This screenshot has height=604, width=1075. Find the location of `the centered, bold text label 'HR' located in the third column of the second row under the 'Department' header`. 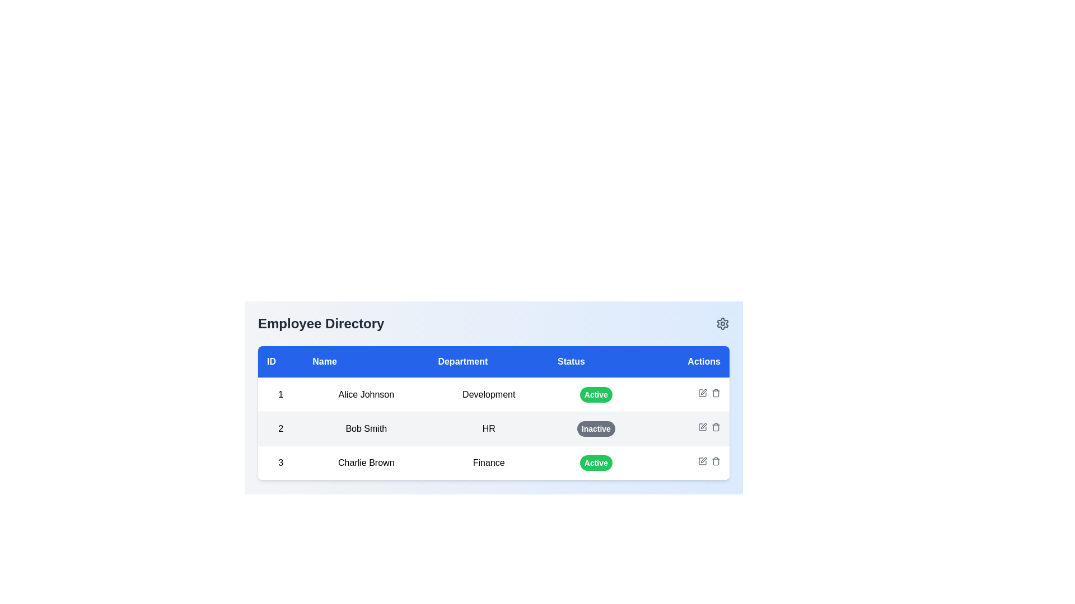

the centered, bold text label 'HR' located in the third column of the second row under the 'Department' header is located at coordinates (489, 428).